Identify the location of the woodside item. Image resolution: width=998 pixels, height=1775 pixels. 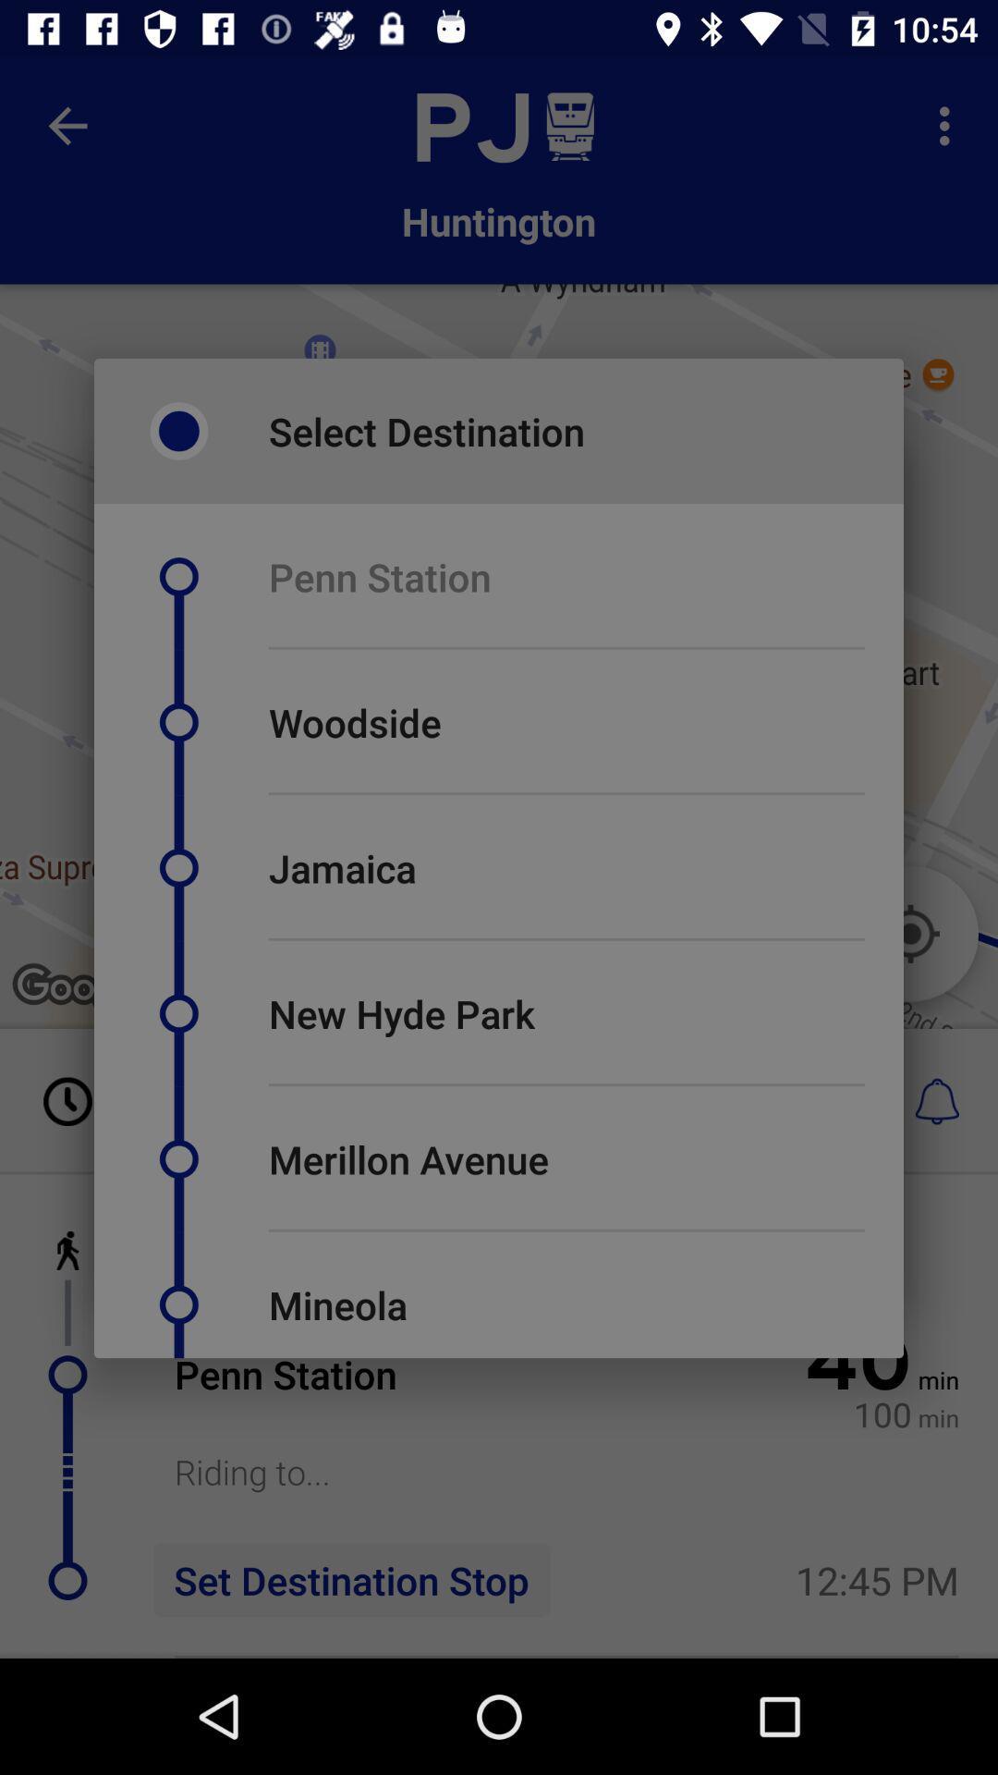
(355, 721).